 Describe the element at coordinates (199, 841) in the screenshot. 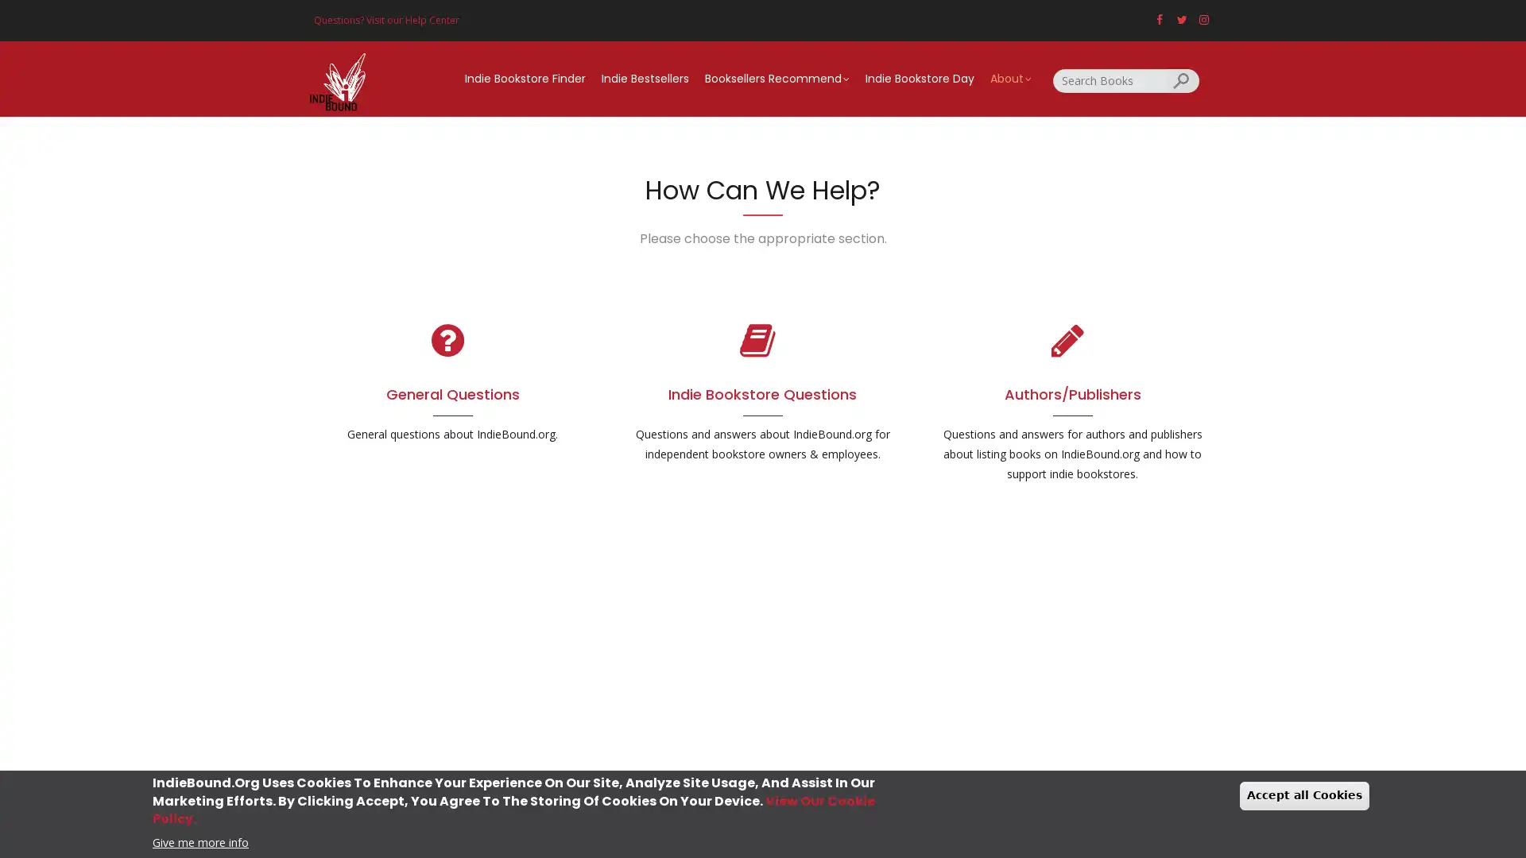

I see `Give me more info` at that location.